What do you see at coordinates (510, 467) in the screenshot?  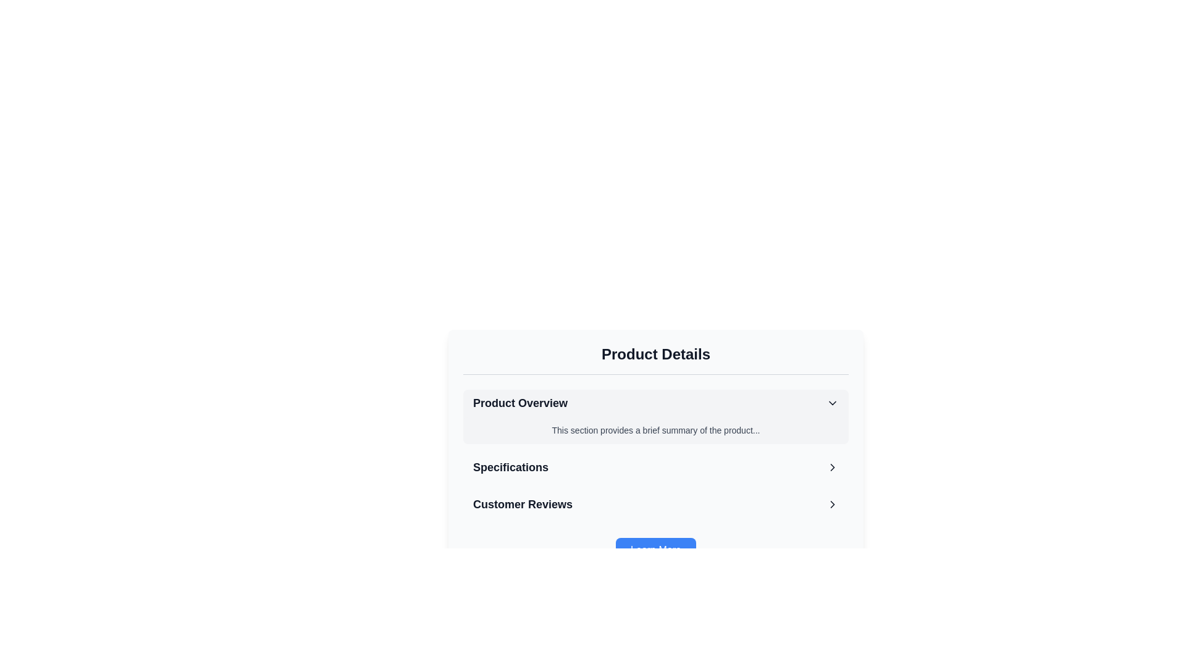 I see `text label that serves as the section title for 'Specifications', positioned below 'Product Overview' and above 'Customer Reviews'` at bounding box center [510, 467].